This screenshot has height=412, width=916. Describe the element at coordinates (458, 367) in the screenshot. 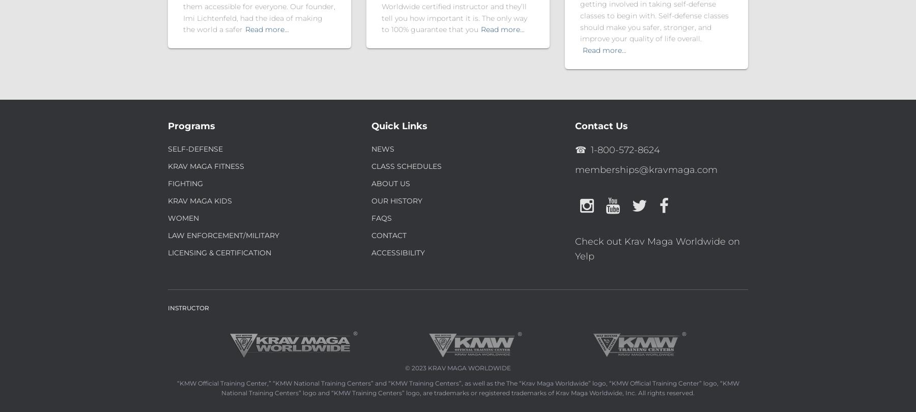

I see `'© 2023 KRAV MAGA WORLDWIDE'` at that location.